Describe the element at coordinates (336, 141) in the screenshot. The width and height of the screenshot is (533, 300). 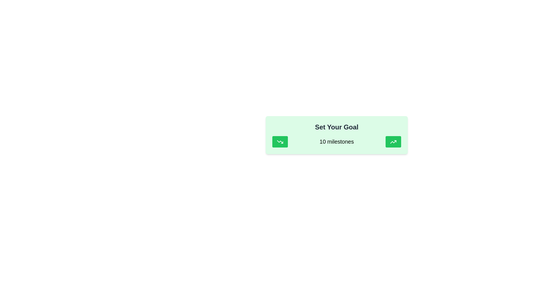
I see `the label/text that indicates milestones, located centrally beneath the 'Set Your Goal' heading, flanked by green buttons with arrow icons` at that location.